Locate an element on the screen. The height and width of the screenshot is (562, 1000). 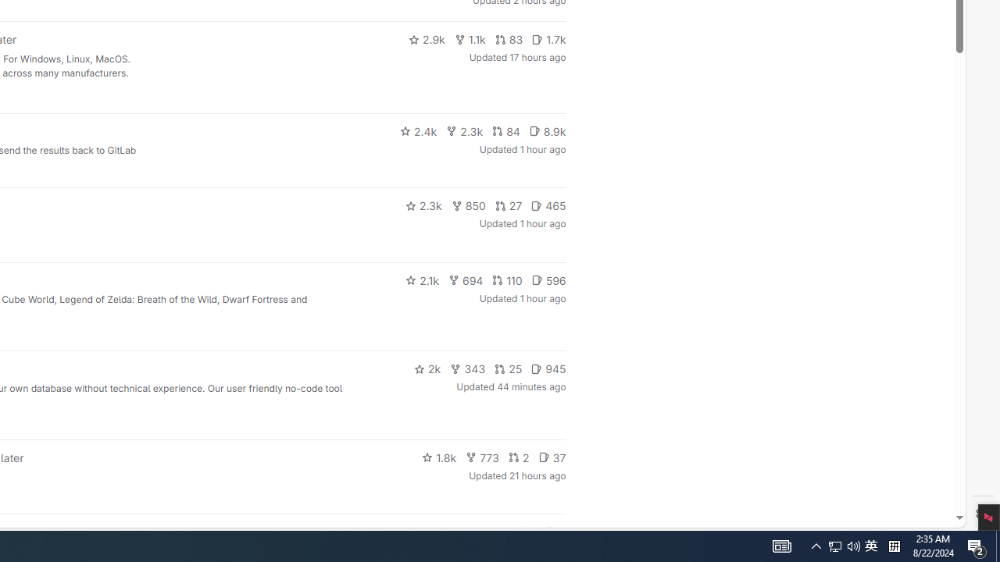
'694' is located at coordinates (465, 279).